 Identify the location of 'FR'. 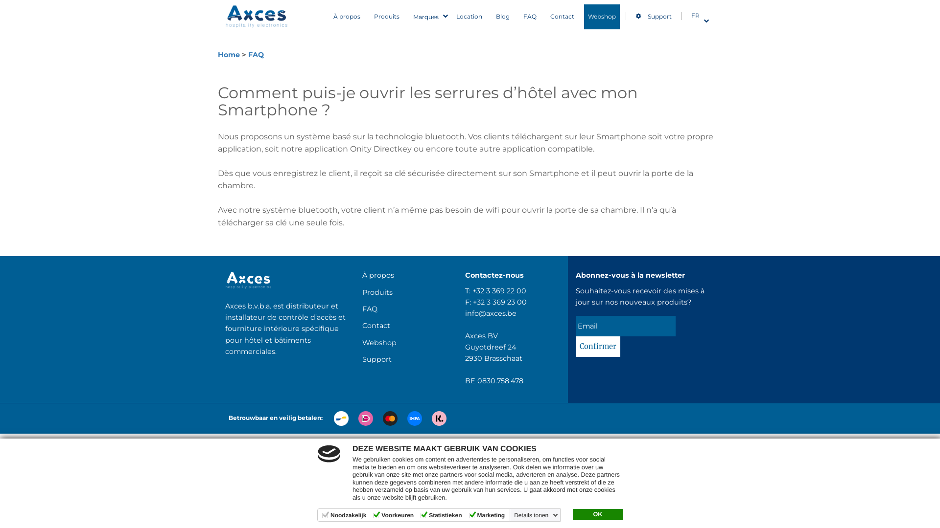
(697, 15).